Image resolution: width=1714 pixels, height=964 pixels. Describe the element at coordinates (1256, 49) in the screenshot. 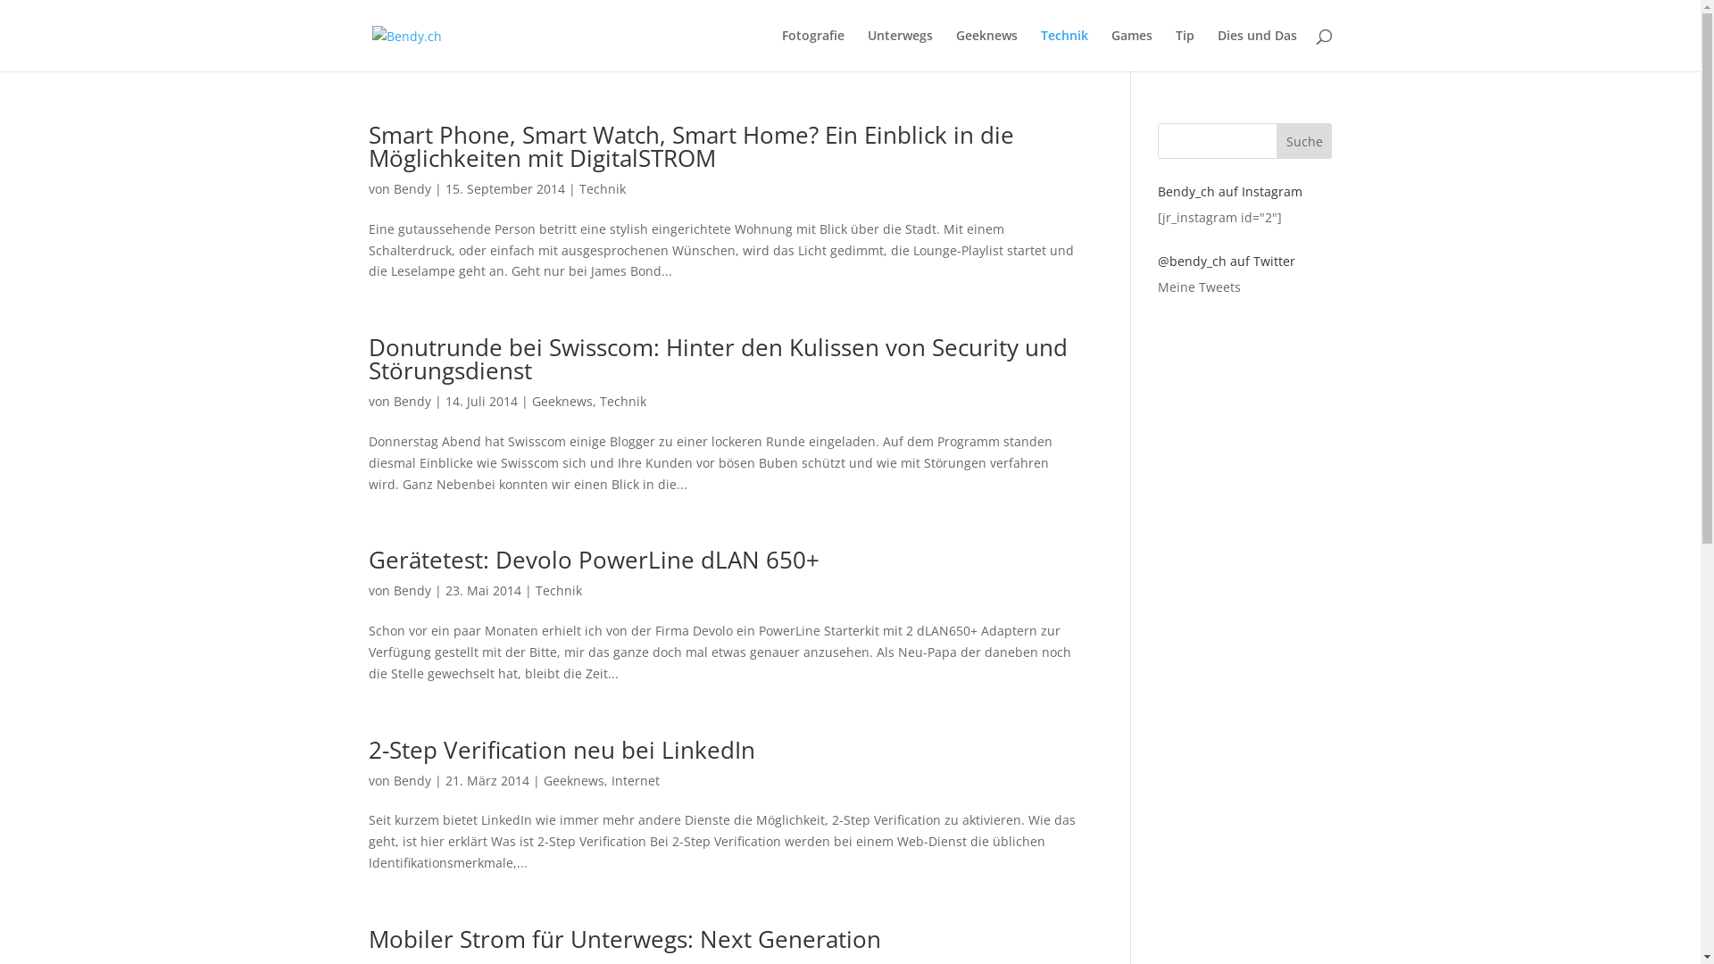

I see `'Dies und Das'` at that location.